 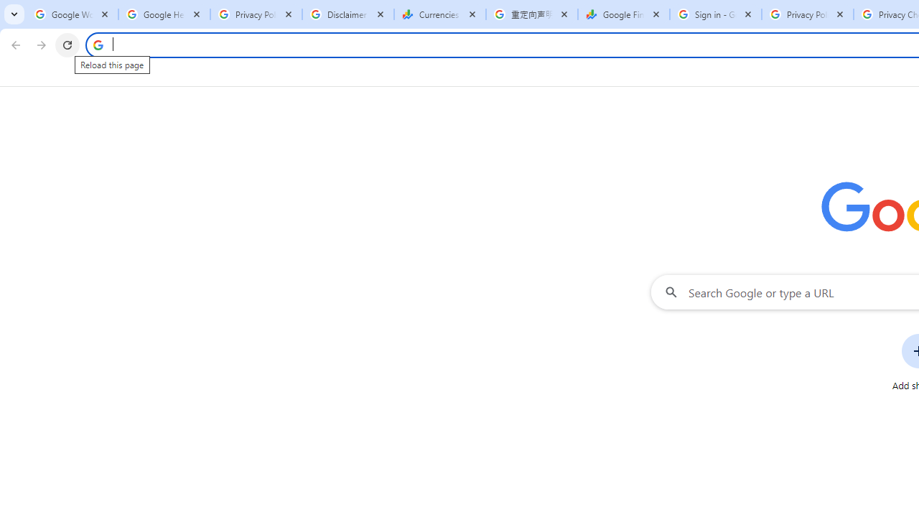 What do you see at coordinates (439, 14) in the screenshot?
I see `'Currencies - Google Finance'` at bounding box center [439, 14].